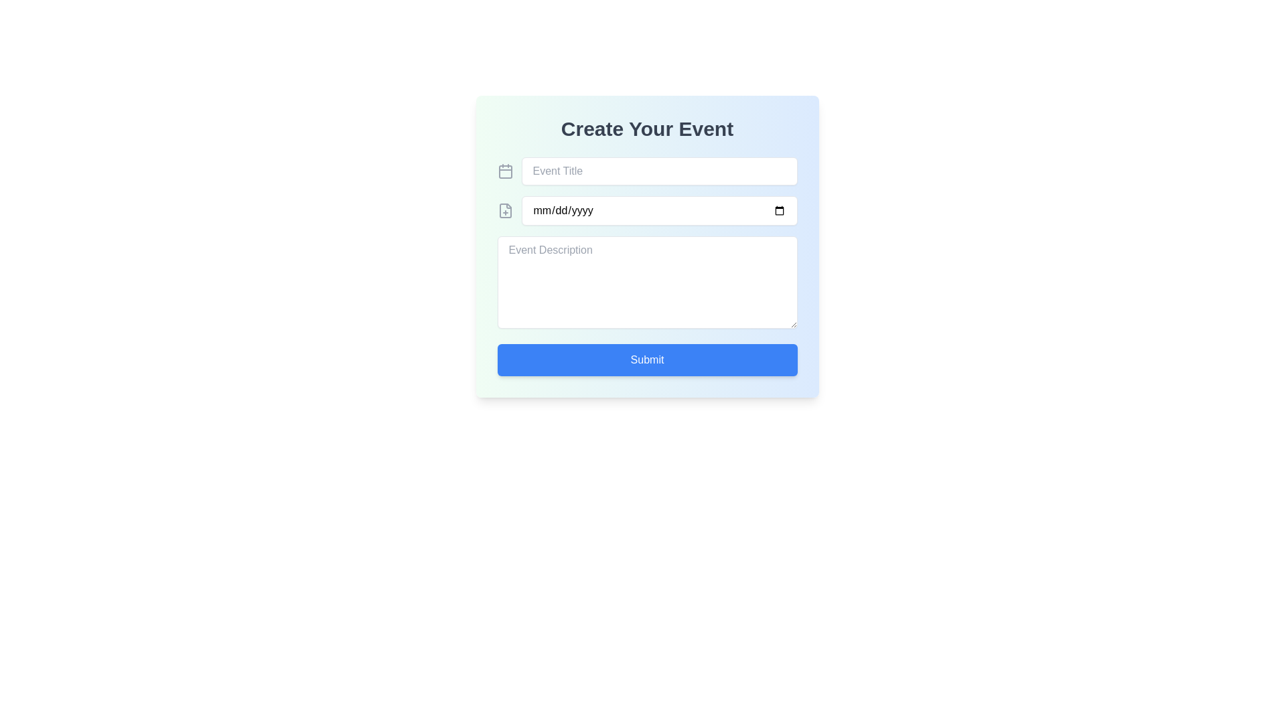  I want to click on the date picker input field with a white background and rounded border, so click(659, 211).